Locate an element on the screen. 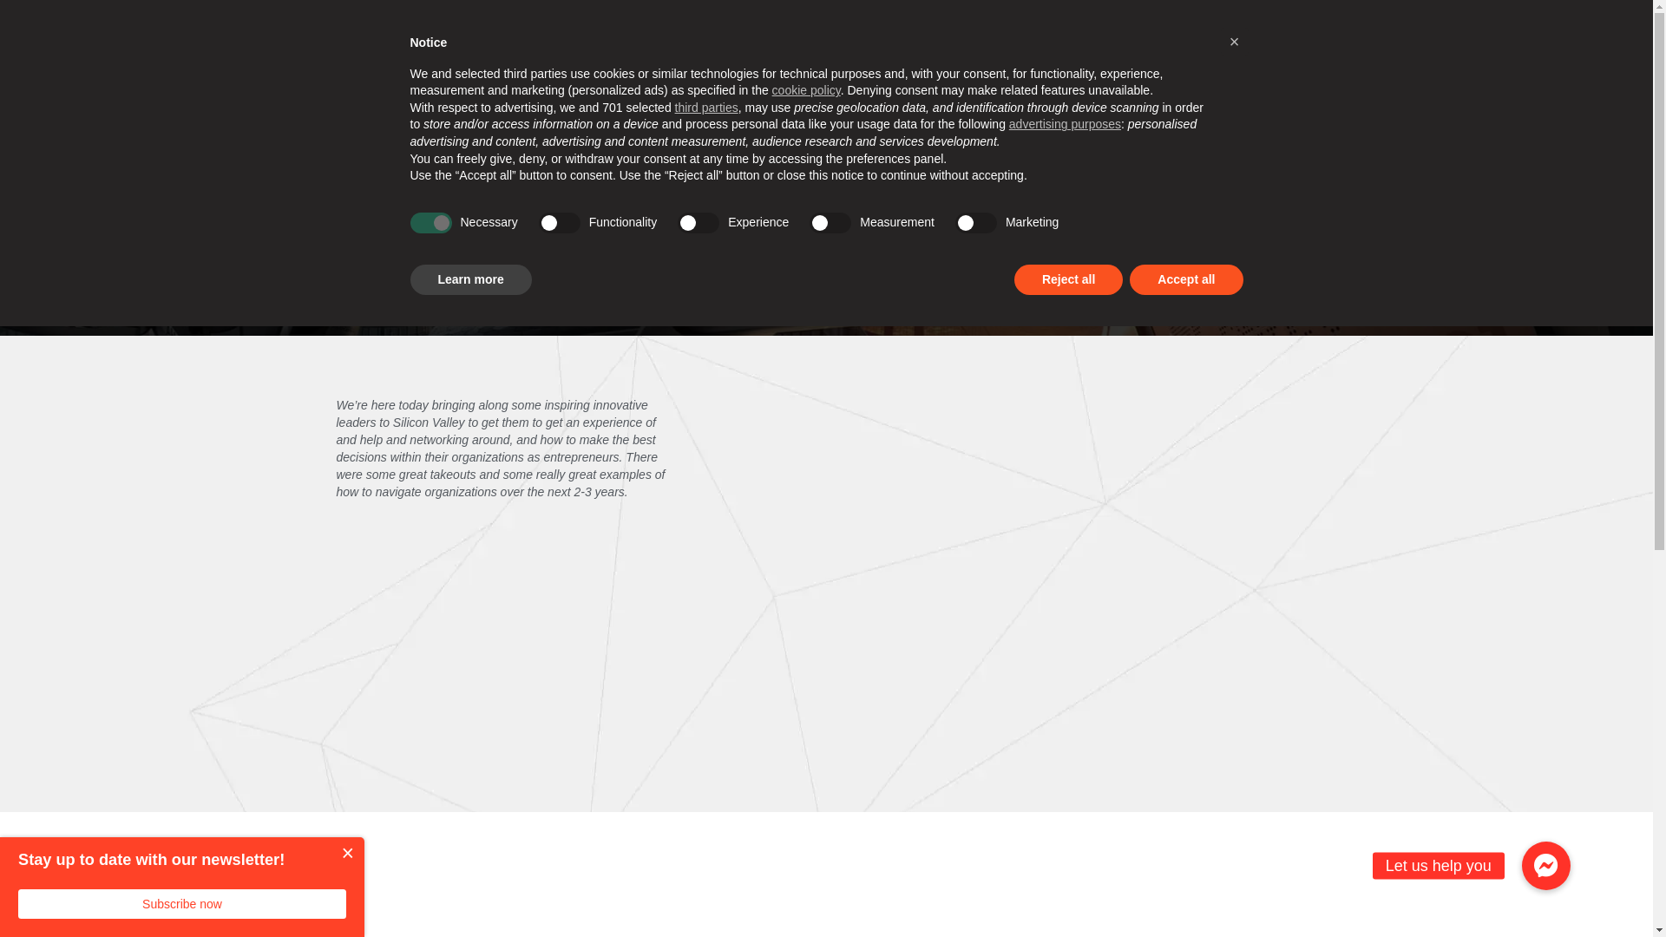 Image resolution: width=1666 pixels, height=937 pixels. 'Learn more' is located at coordinates (470, 279).